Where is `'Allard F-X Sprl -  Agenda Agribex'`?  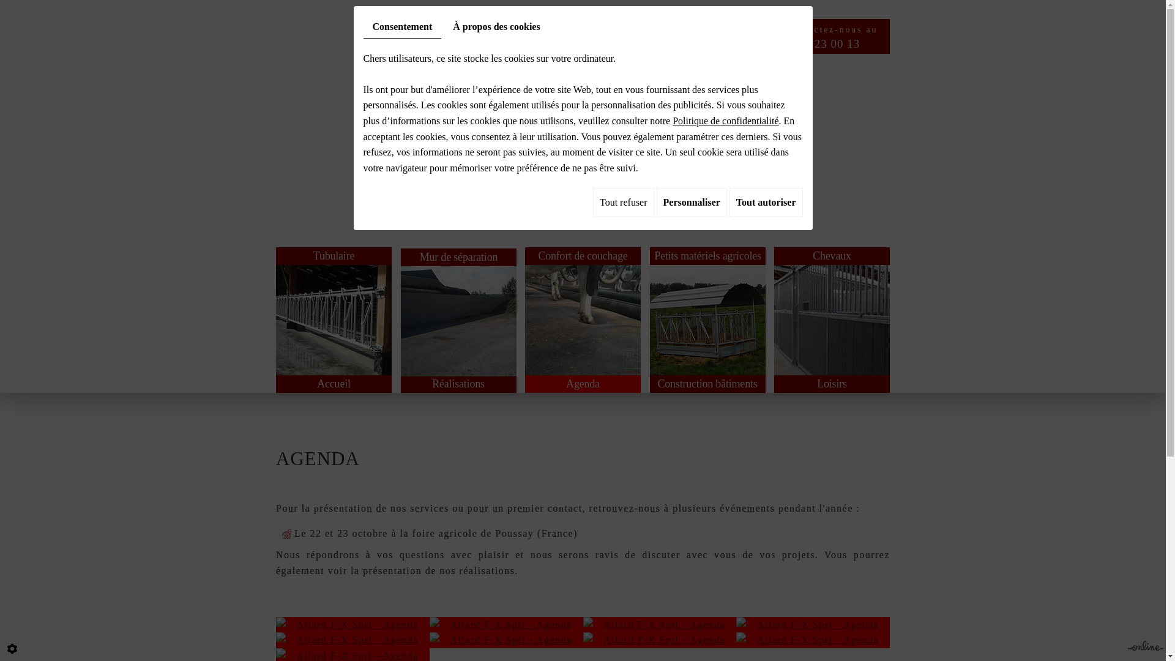 'Allard F-X Sprl -  Agenda Agribex' is located at coordinates (506, 625).